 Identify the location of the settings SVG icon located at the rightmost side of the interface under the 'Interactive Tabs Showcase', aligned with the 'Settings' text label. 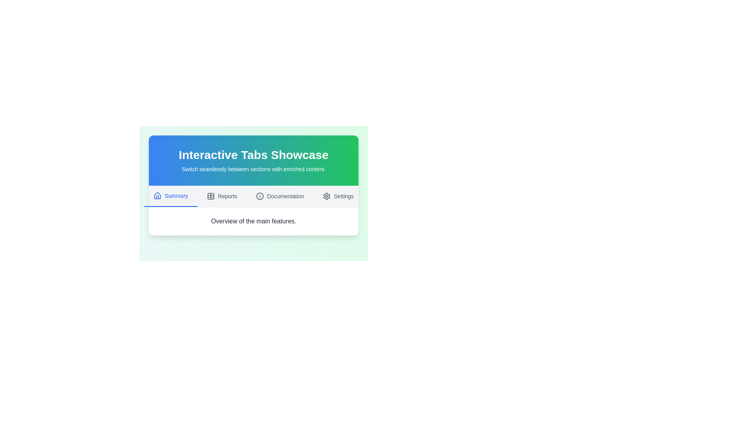
(327, 196).